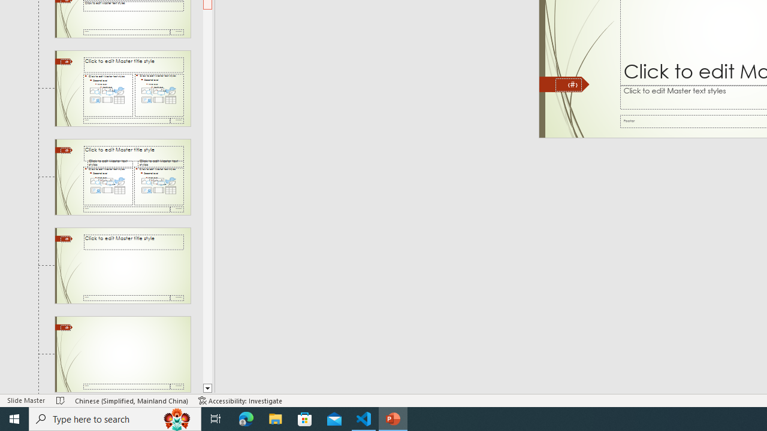 Image resolution: width=767 pixels, height=431 pixels. Describe the element at coordinates (122, 177) in the screenshot. I see `'Slide Comparison Layout: used by no slides'` at that location.